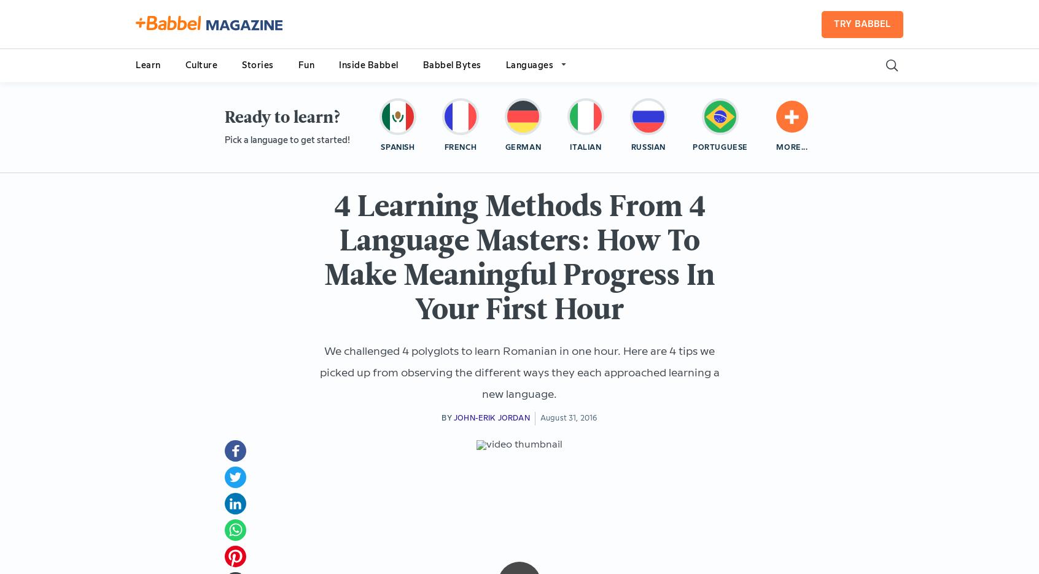  Describe the element at coordinates (555, 148) in the screenshot. I see `'English'` at that location.